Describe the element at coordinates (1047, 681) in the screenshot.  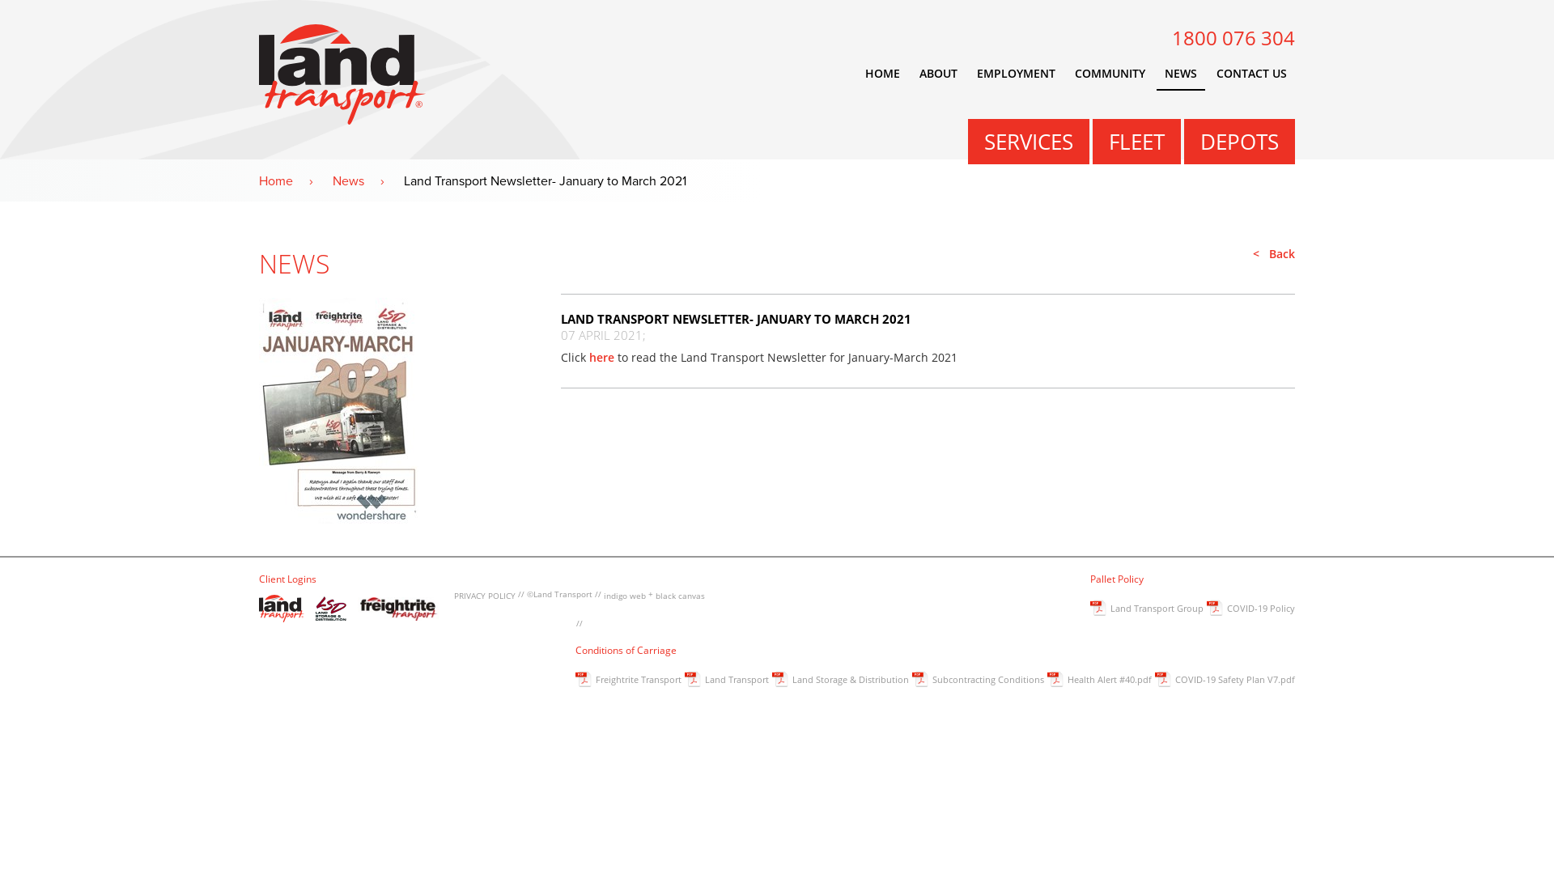
I see `'Health Alert #40.pdf'` at that location.